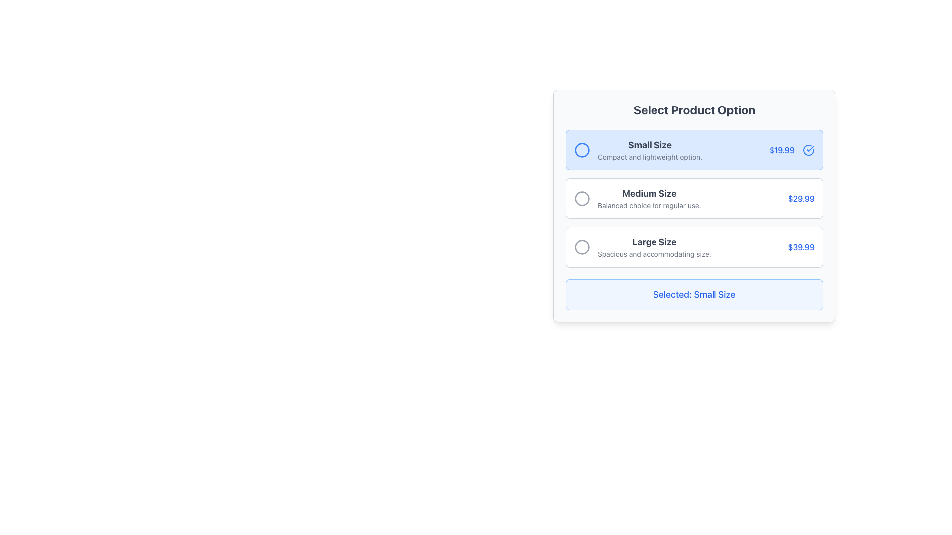 This screenshot has height=535, width=952. I want to click on the visual indicator icon representing the selected 'Small Size' option, so click(809, 150).